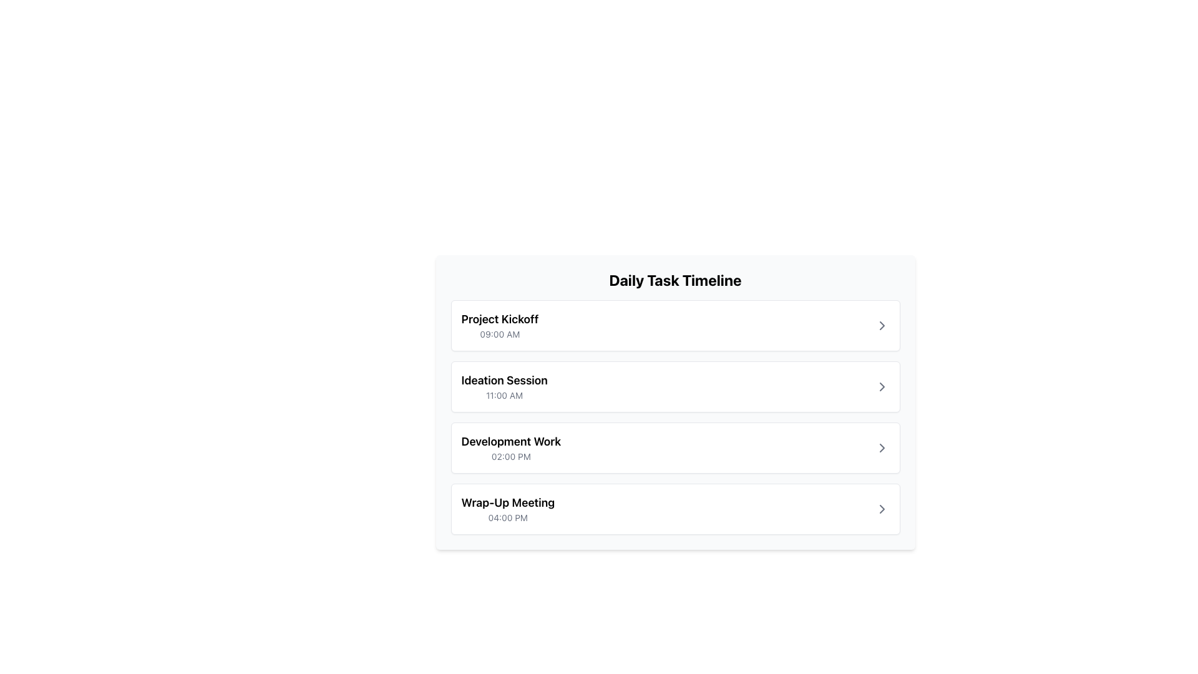 The image size is (1198, 674). I want to click on the topmost card in the Daily Task Timeline list that displays 'Project Kickoff' and '09:00 AM', so click(674, 325).